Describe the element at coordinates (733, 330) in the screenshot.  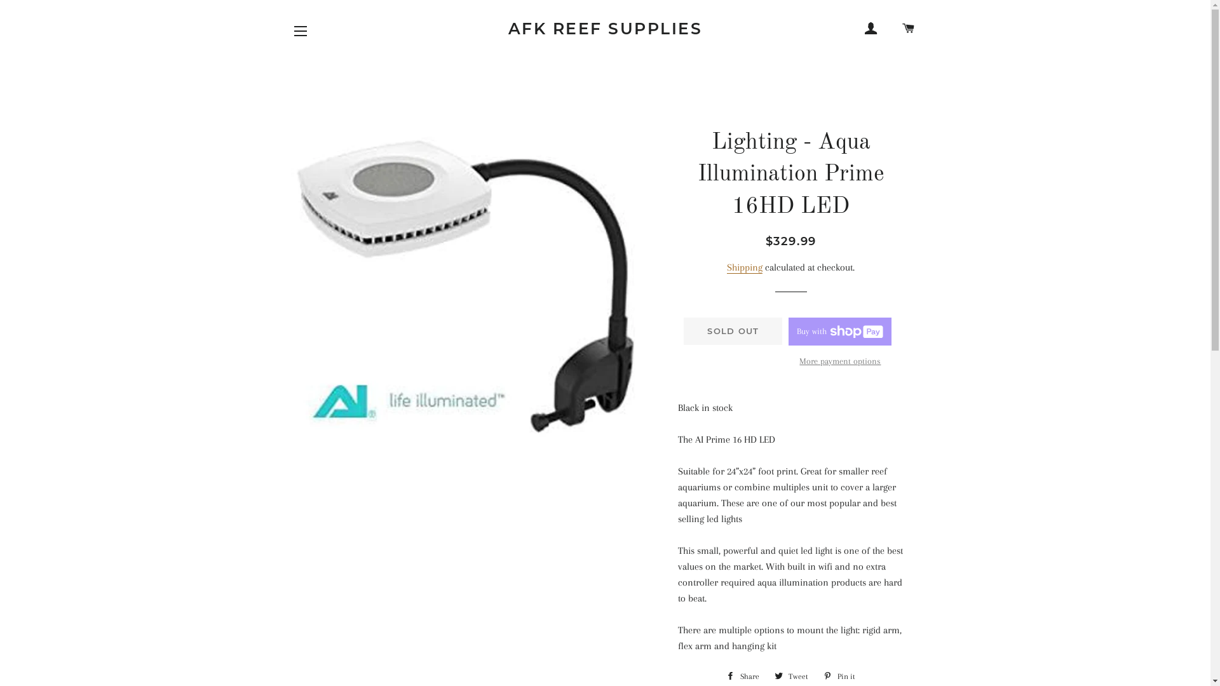
I see `'SOLD OUT'` at that location.